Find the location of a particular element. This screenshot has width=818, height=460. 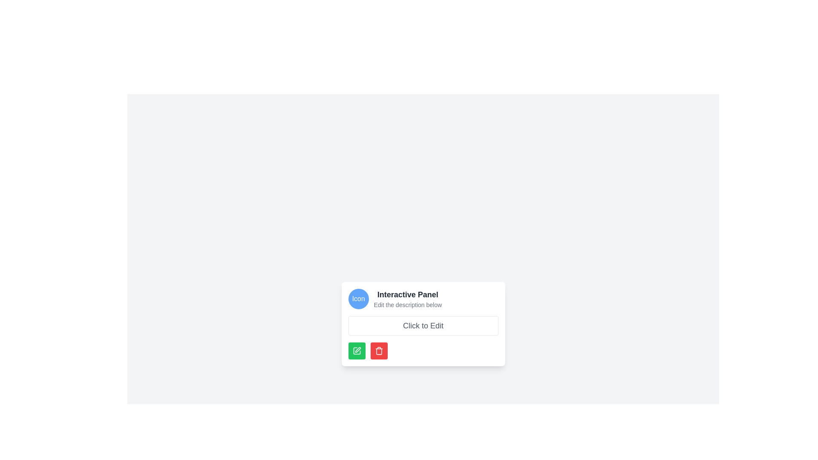

the horizontal button group containing a green pen icon button and a red trash icon button is located at coordinates (423, 351).